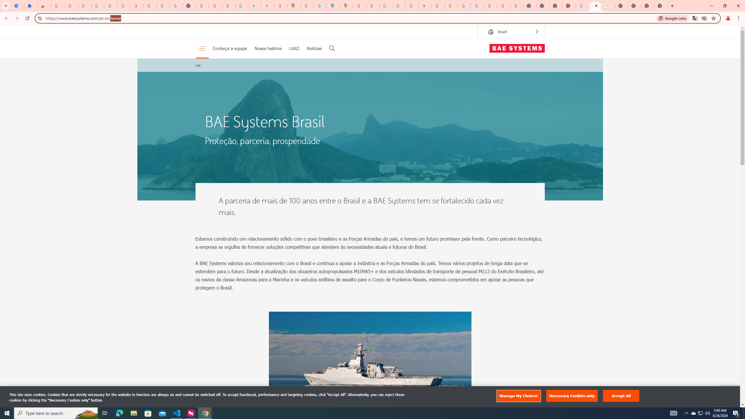  What do you see at coordinates (293, 6) in the screenshot?
I see `'Google Maps'` at bounding box center [293, 6].